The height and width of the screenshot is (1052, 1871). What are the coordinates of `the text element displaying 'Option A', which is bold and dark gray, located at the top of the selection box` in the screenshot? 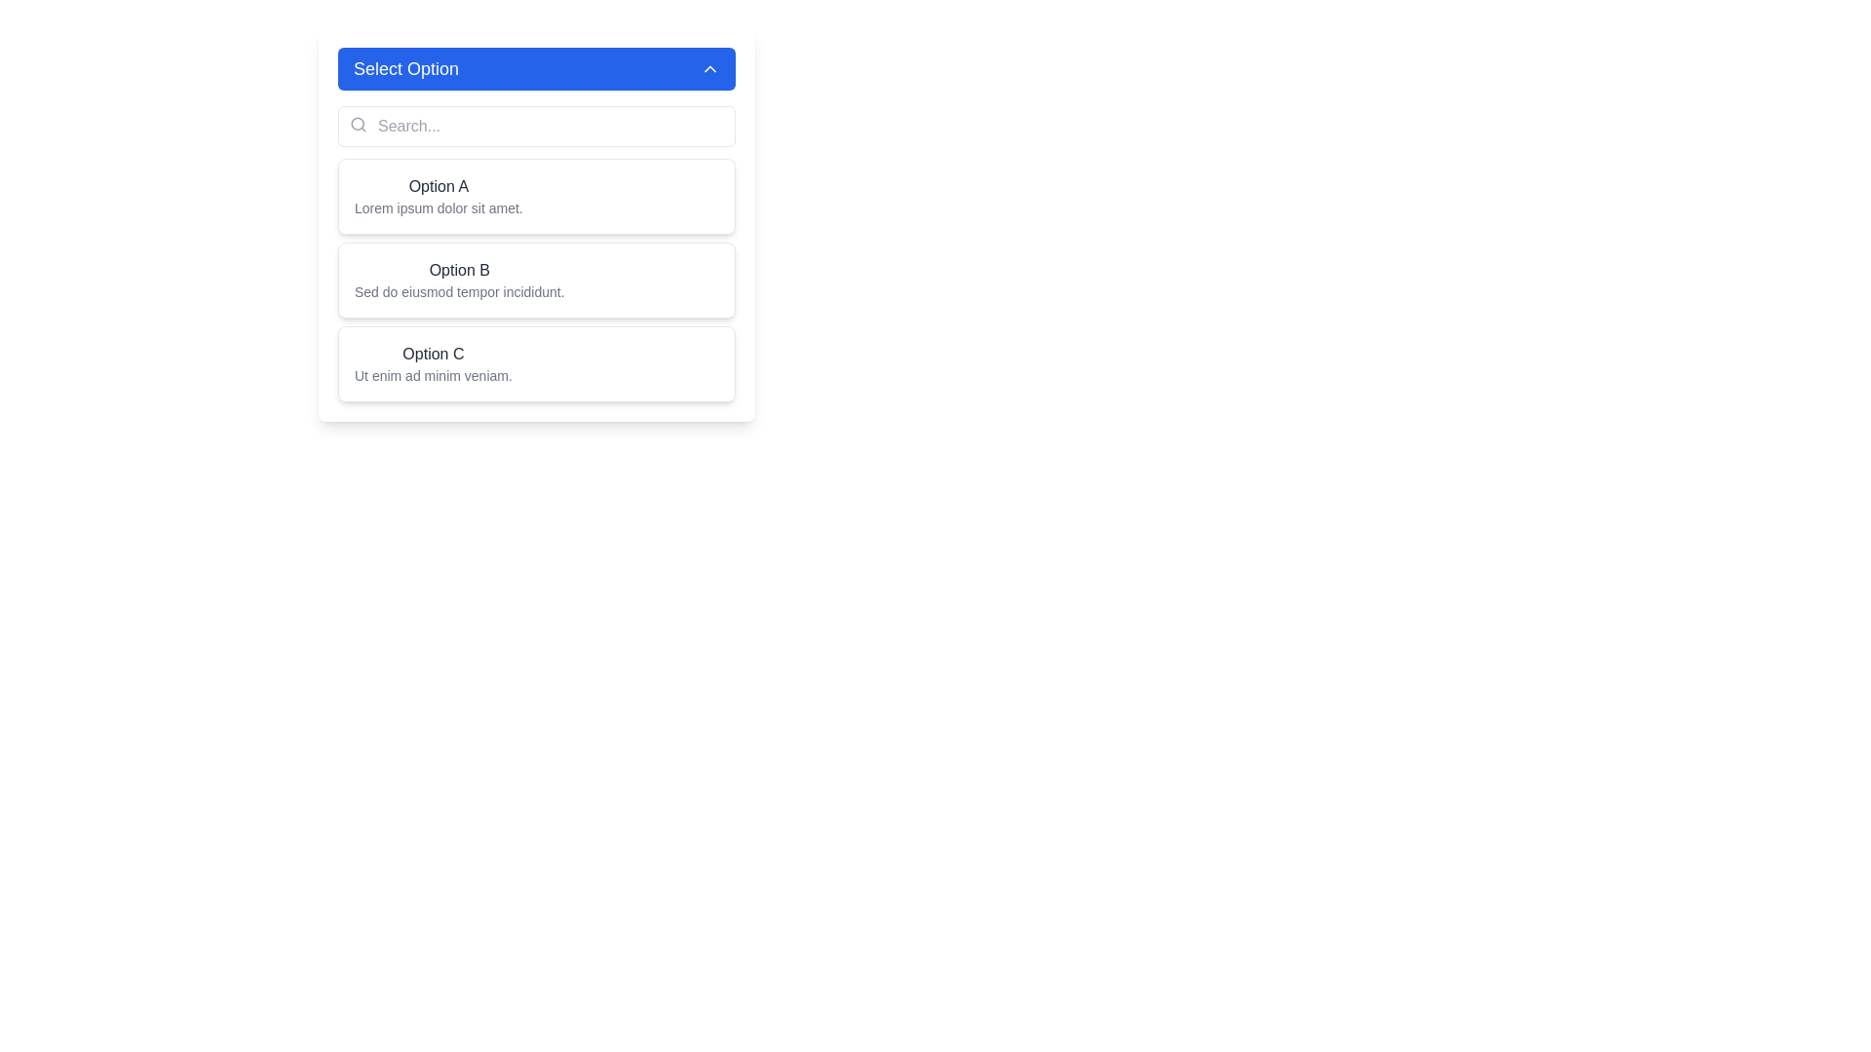 It's located at (438, 187).